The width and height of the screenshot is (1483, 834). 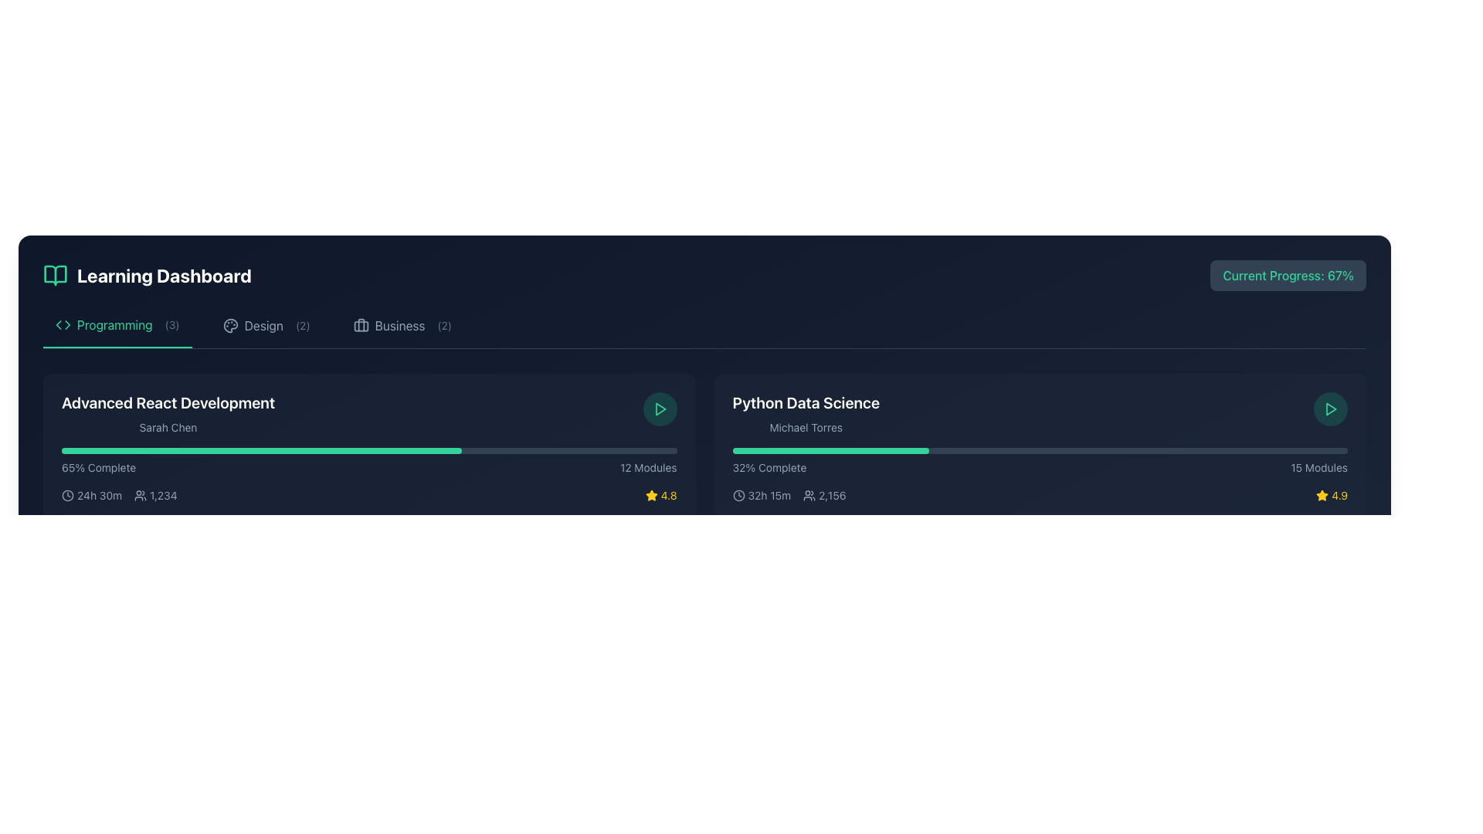 I want to click on the text label element displaying the number '(2)' which is styled in gray and located next to the word 'Design' in the navigation menu, so click(x=303, y=324).